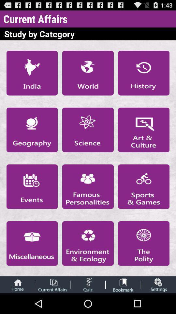 The width and height of the screenshot is (176, 314). I want to click on open geography category, so click(32, 130).